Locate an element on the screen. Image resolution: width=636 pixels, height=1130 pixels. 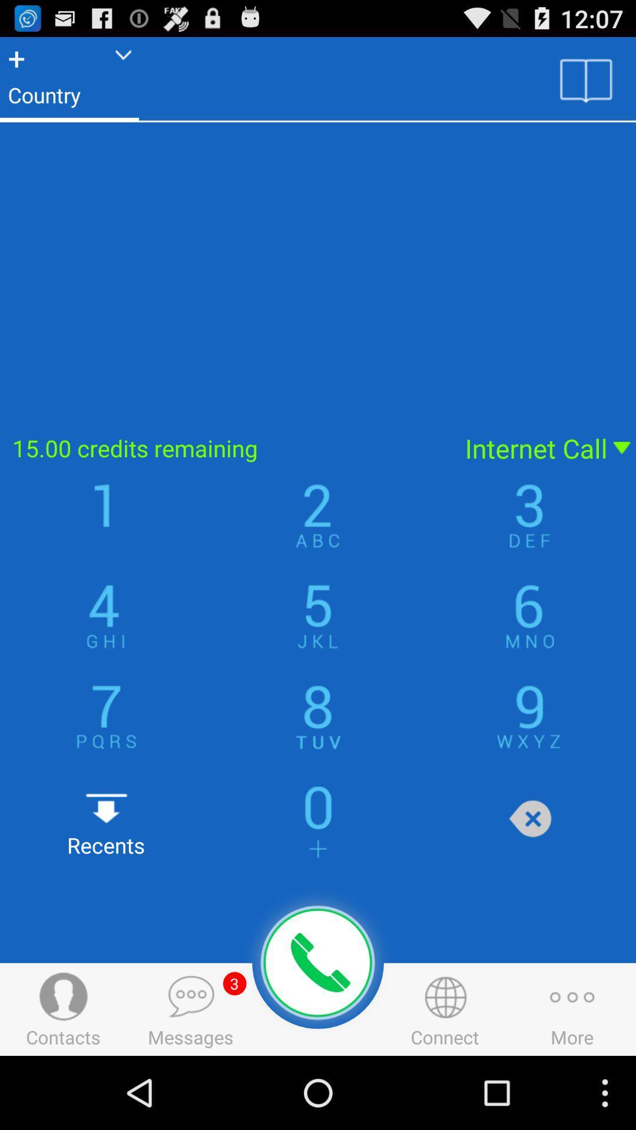
call number is located at coordinates (318, 963).